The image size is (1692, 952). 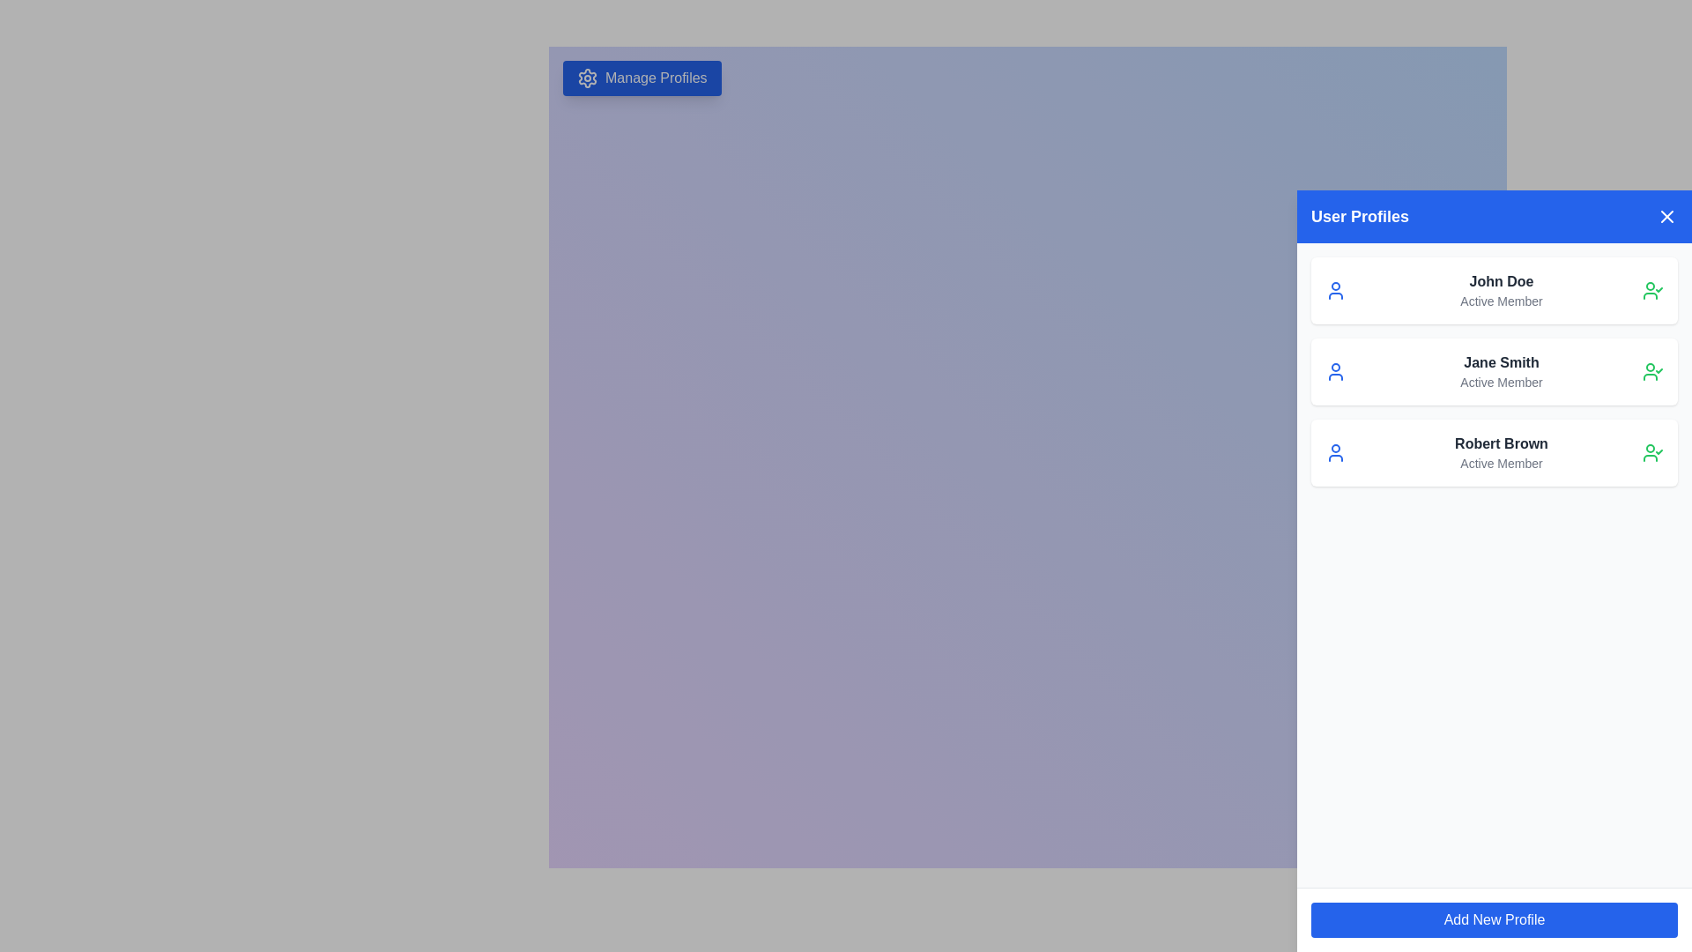 I want to click on the blue rectangular button labeled 'Manage Profiles', so click(x=641, y=77).